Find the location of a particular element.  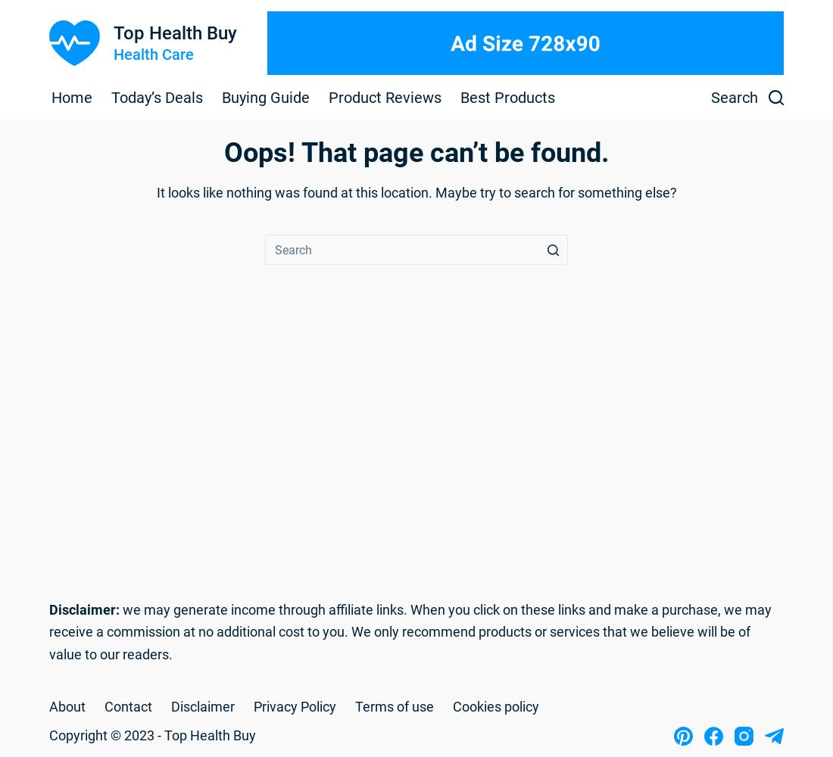

'Cookies policy' is located at coordinates (496, 706).